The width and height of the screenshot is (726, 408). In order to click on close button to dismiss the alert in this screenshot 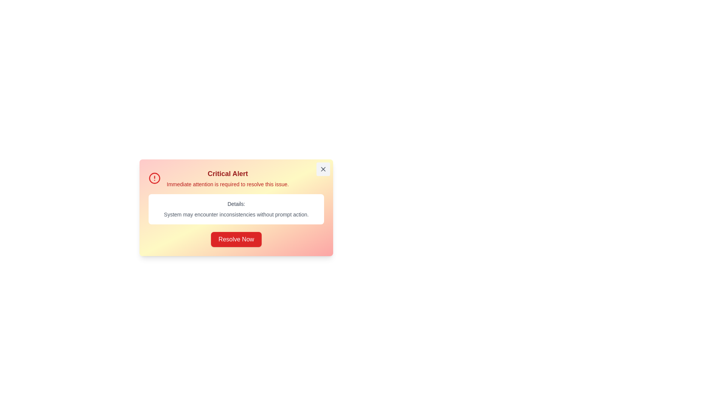, I will do `click(323, 168)`.